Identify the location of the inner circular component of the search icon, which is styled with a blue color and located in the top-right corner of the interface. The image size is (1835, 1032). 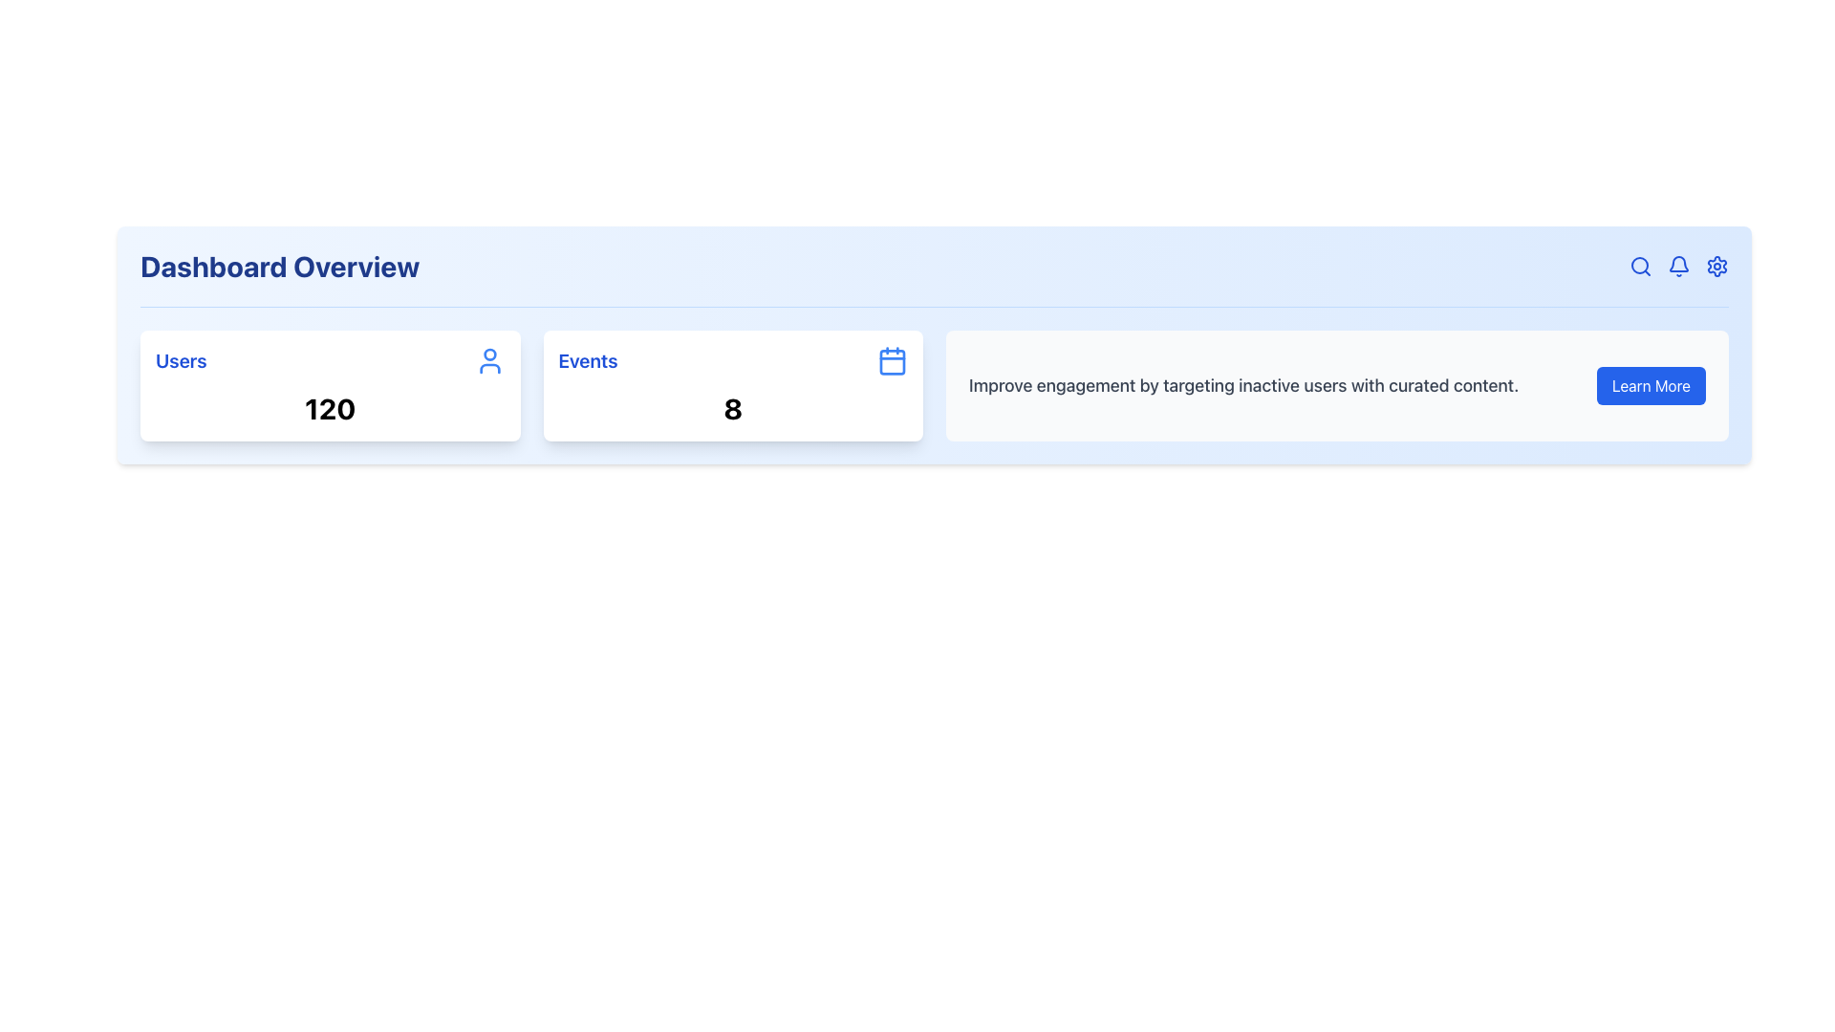
(1639, 265).